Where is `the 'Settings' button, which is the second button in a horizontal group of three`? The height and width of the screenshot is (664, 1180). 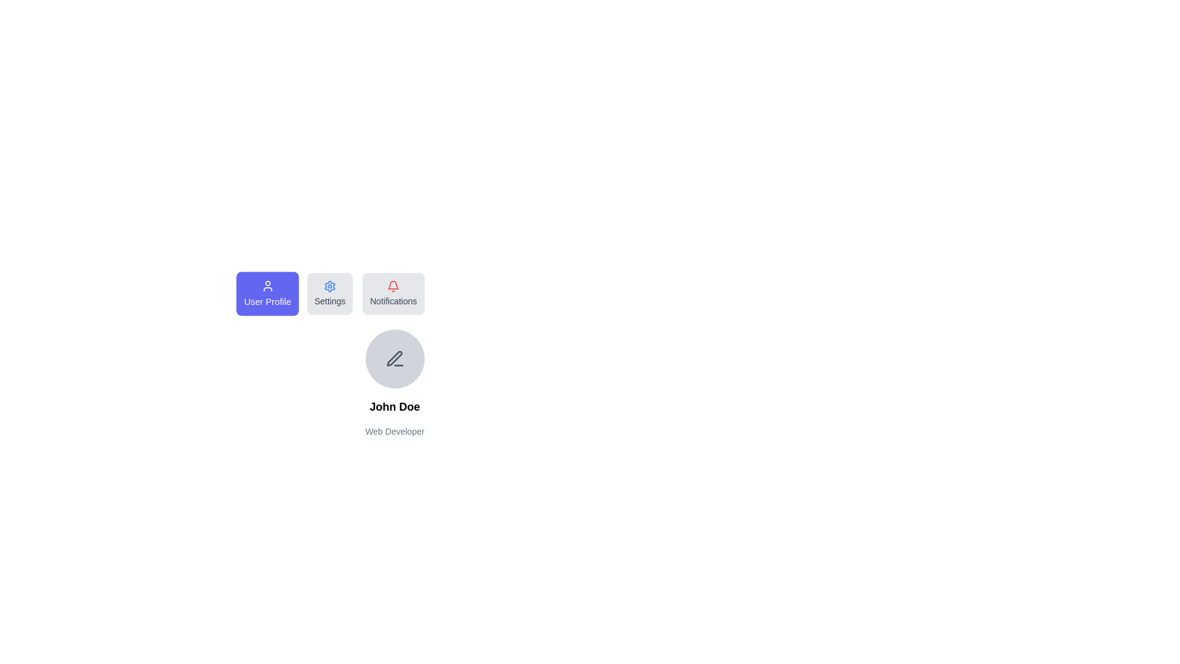 the 'Settings' button, which is the second button in a horizontal group of three is located at coordinates (330, 294).